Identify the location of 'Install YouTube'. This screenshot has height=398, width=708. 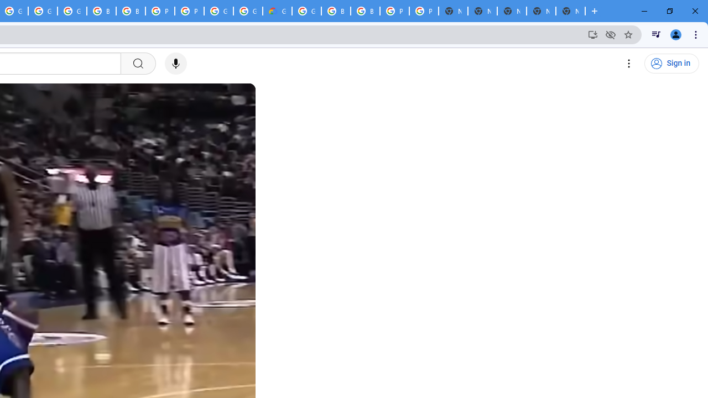
(592, 34).